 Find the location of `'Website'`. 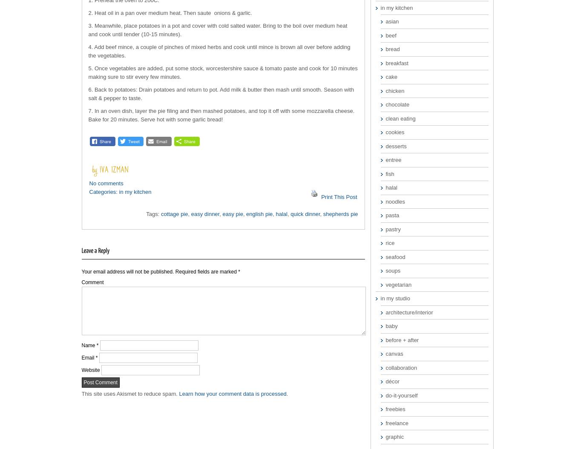

'Website' is located at coordinates (90, 369).